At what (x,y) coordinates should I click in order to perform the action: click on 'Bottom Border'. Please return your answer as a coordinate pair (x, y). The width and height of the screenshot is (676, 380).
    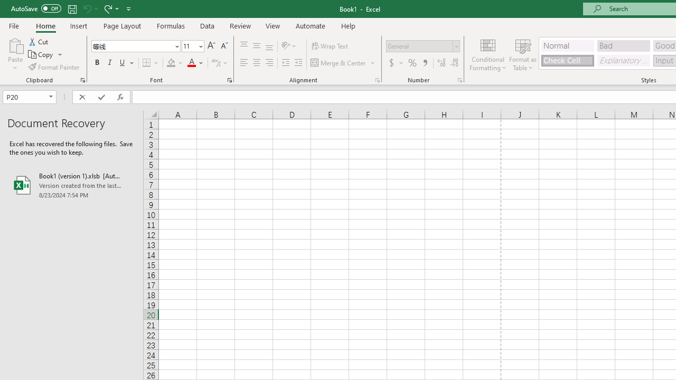
    Looking at the image, I should click on (146, 63).